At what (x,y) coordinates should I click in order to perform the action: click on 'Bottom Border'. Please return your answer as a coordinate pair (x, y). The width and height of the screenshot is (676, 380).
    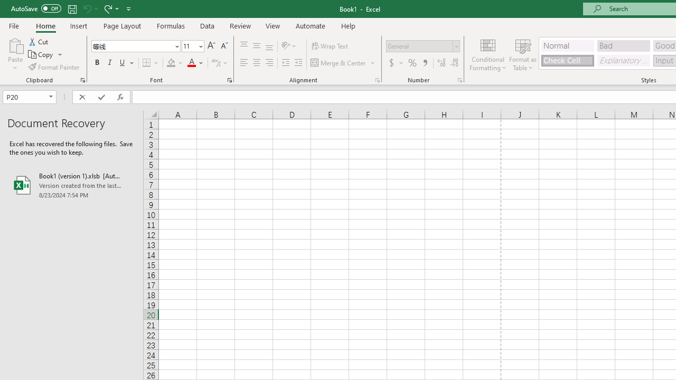
    Looking at the image, I should click on (146, 63).